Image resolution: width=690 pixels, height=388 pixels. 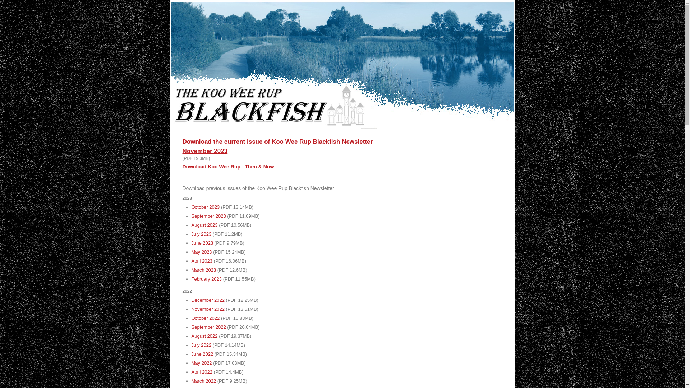 I want to click on 'November 2022', so click(x=207, y=309).